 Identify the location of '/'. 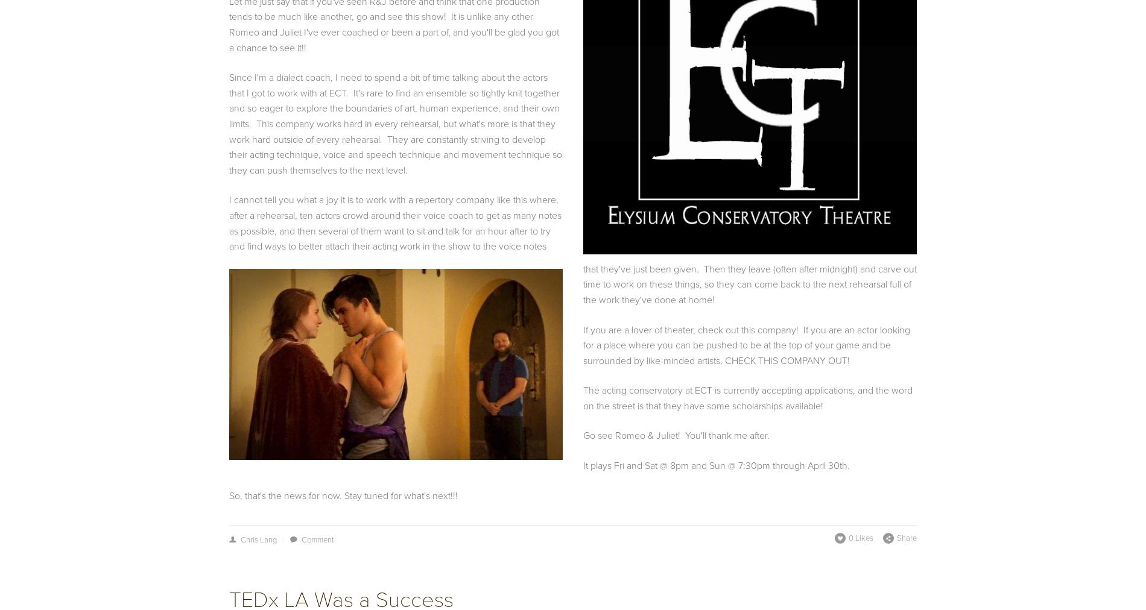
(282, 539).